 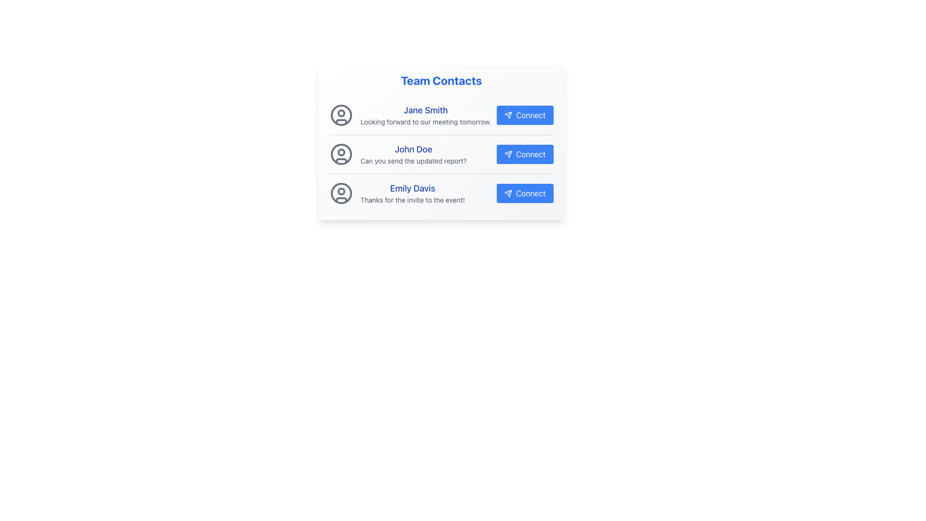 What do you see at coordinates (524, 154) in the screenshot?
I see `the blue button labeled 'Connect' with a paper plane icon` at bounding box center [524, 154].